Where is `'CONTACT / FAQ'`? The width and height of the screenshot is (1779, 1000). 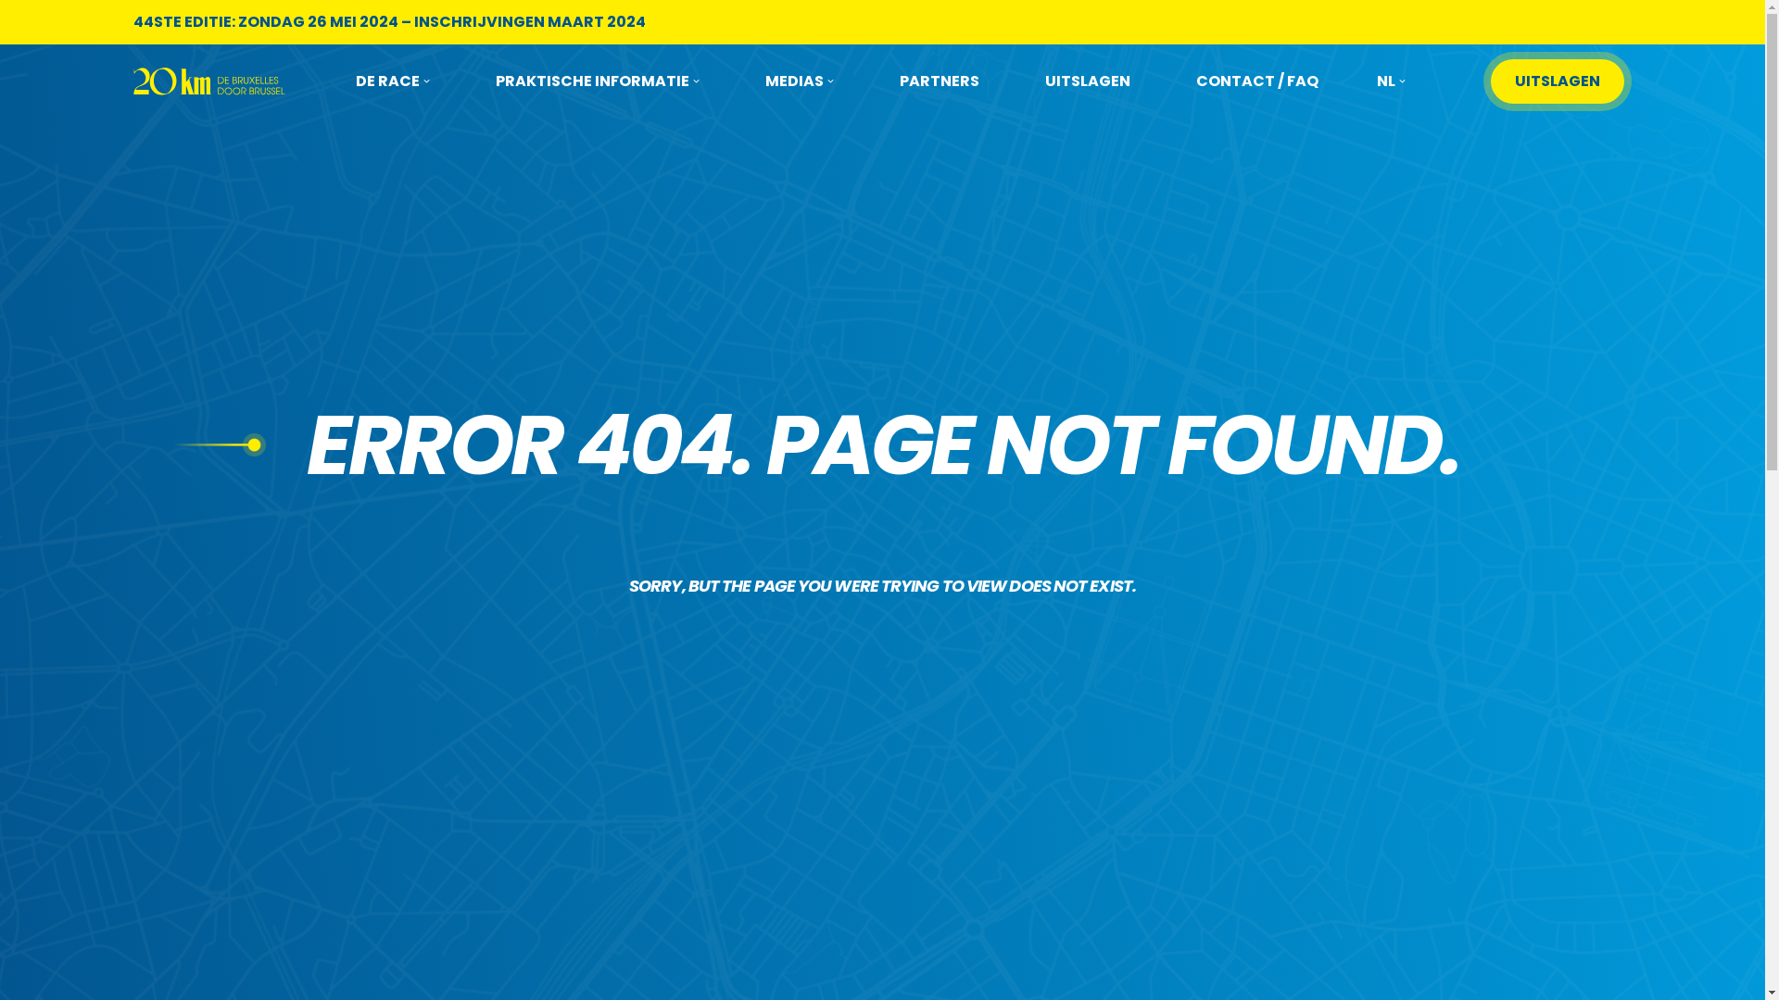 'CONTACT / FAQ' is located at coordinates (1257, 81).